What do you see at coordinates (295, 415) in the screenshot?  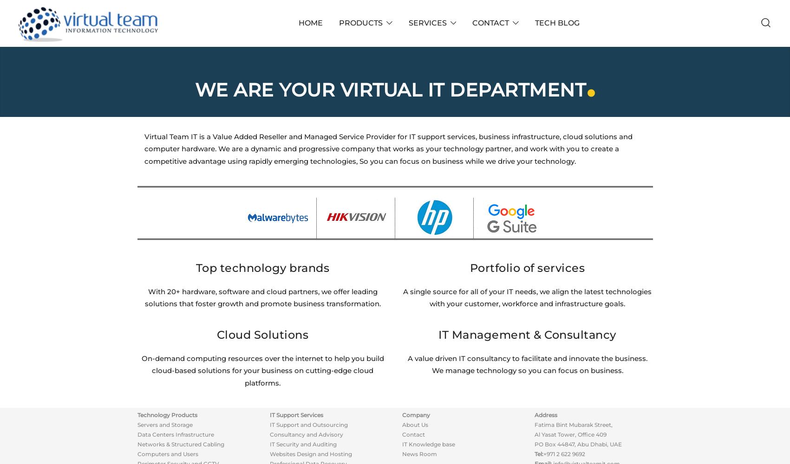 I see `'IT Support Services'` at bounding box center [295, 415].